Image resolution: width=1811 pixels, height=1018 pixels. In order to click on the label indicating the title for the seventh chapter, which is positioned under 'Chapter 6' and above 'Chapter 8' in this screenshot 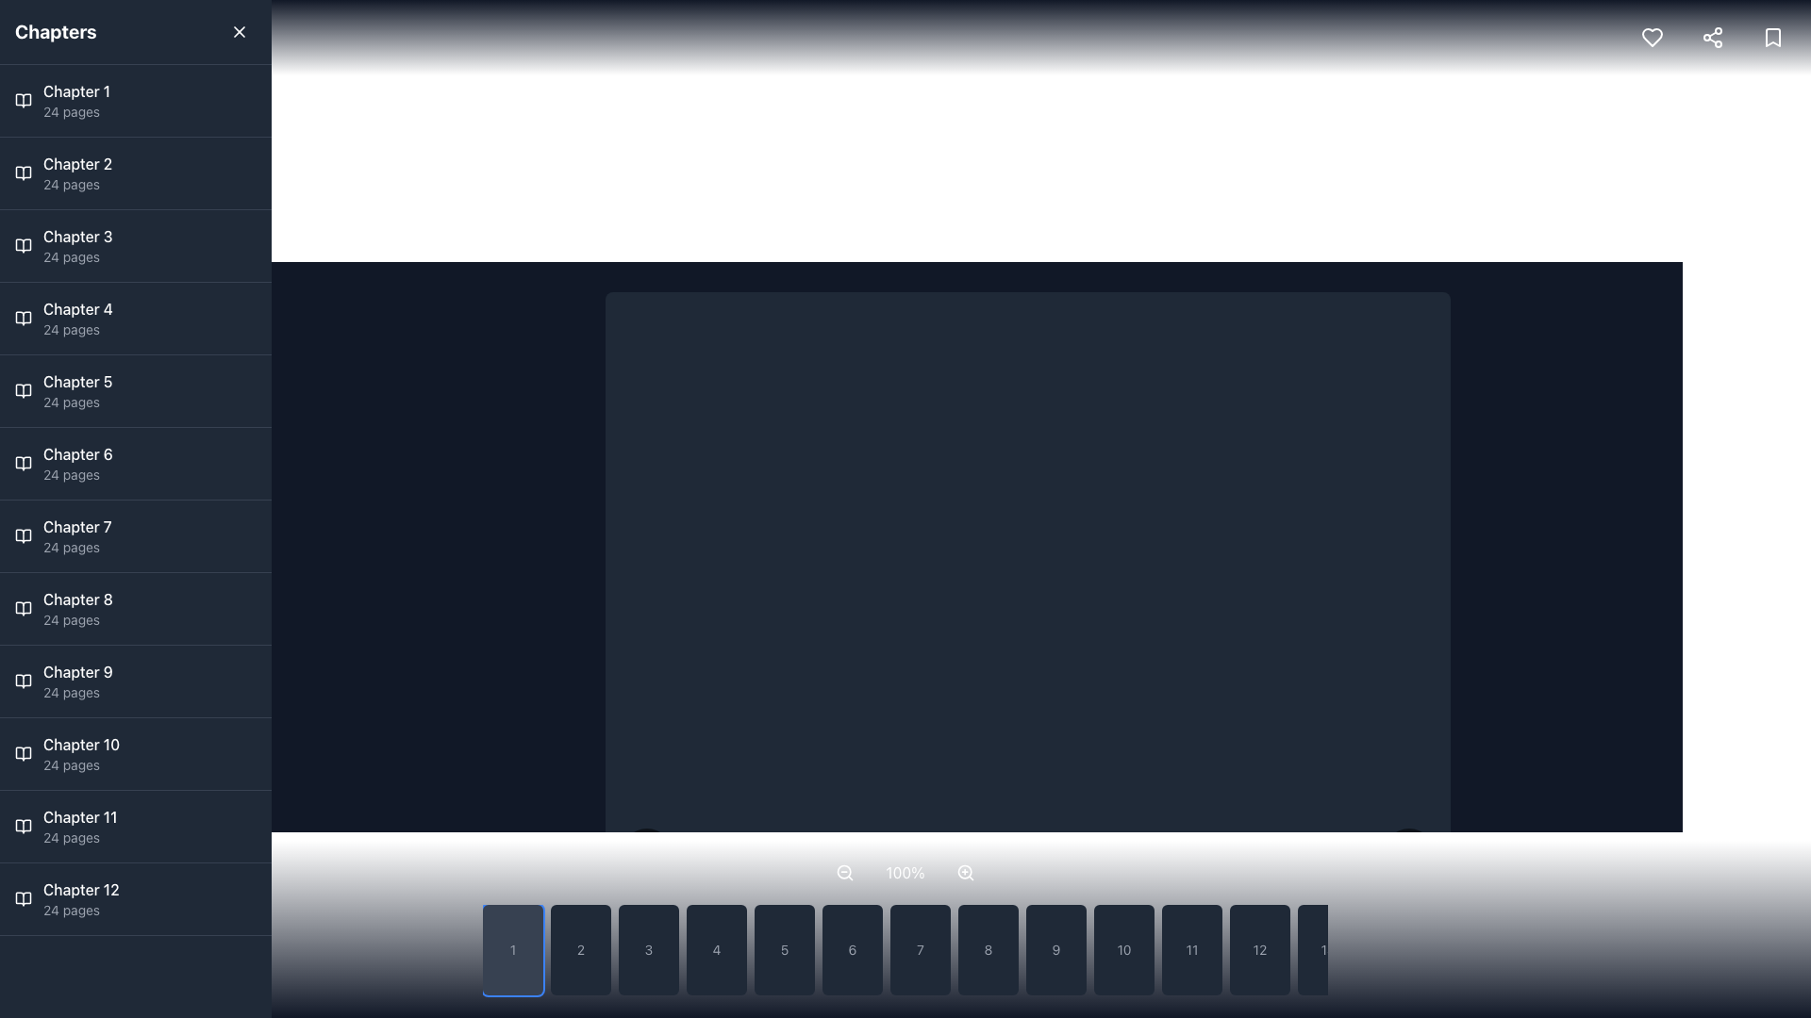, I will do `click(76, 527)`.